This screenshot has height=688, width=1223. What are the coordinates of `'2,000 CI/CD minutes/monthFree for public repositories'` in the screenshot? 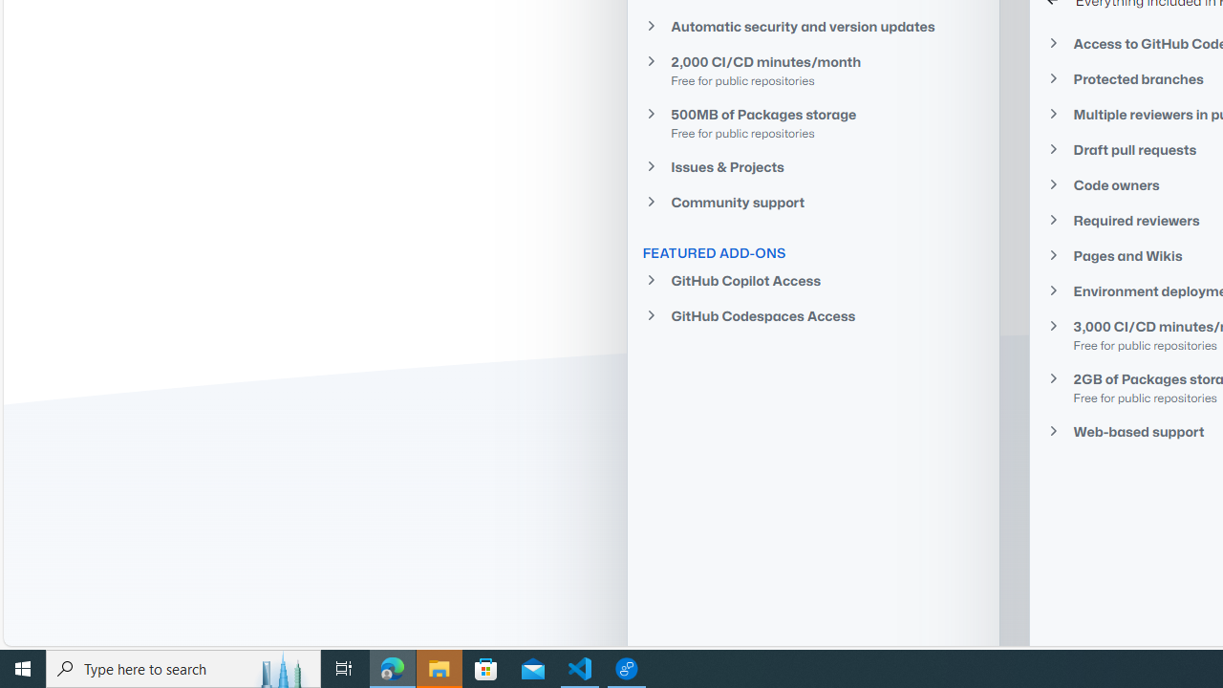 It's located at (813, 69).